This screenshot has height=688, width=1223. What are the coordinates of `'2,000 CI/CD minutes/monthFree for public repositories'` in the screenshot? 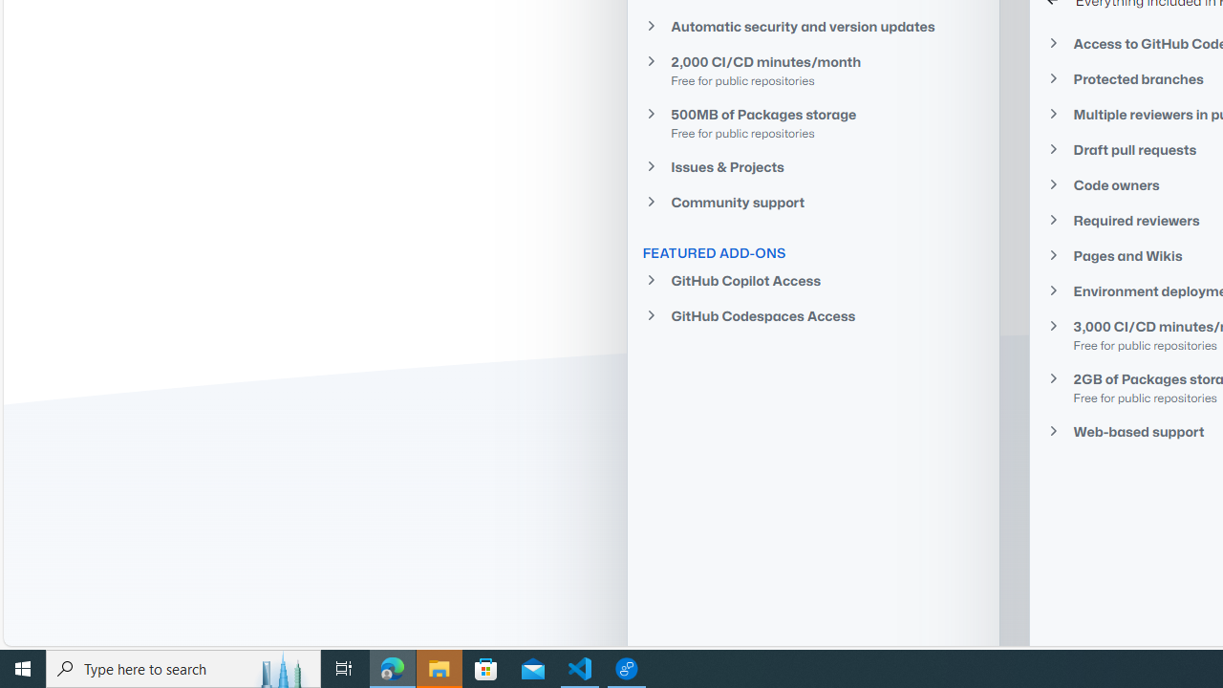 It's located at (813, 69).